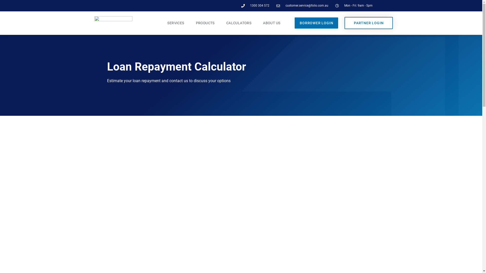 Image resolution: width=486 pixels, height=273 pixels. What do you see at coordinates (258, 23) in the screenshot?
I see `'ABOUT US'` at bounding box center [258, 23].